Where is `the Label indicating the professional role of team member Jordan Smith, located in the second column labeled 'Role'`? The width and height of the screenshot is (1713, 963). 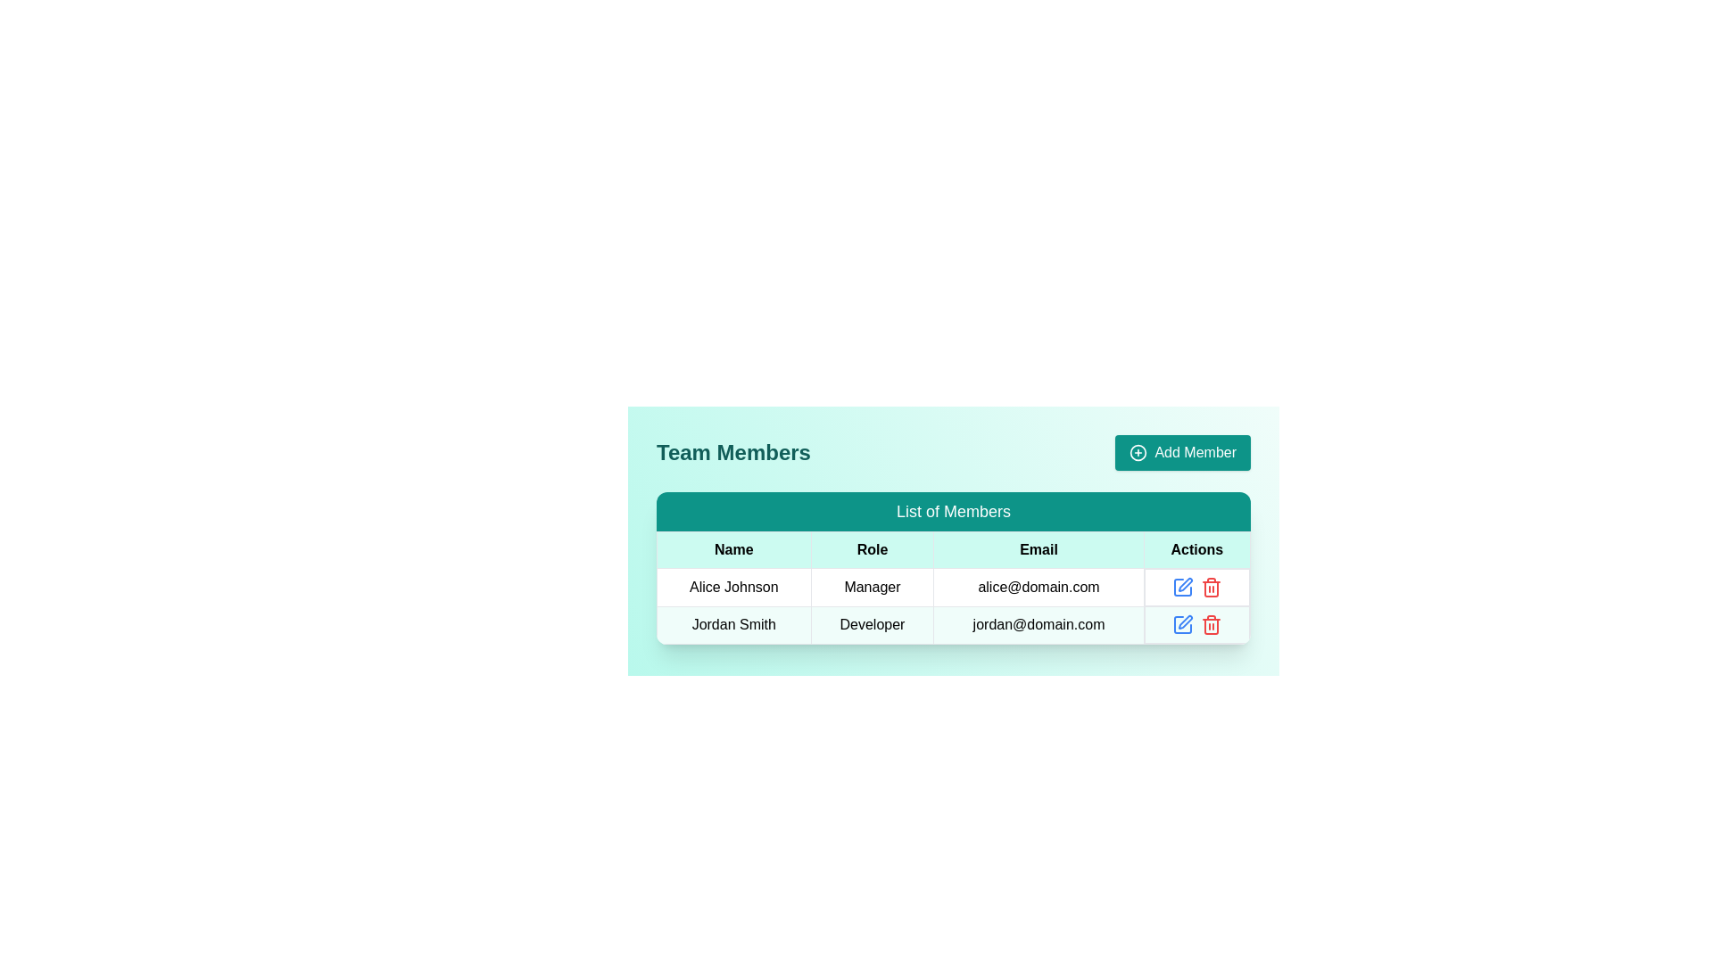 the Label indicating the professional role of team member Jordan Smith, located in the second column labeled 'Role' is located at coordinates (873, 624).